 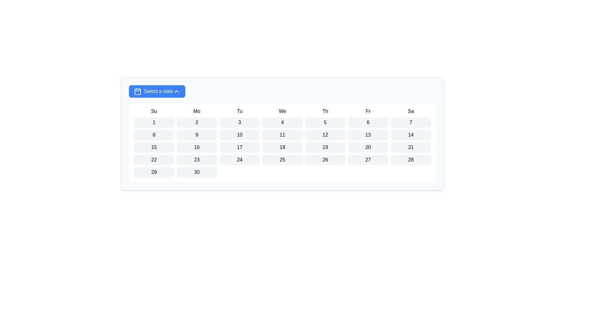 What do you see at coordinates (368, 111) in the screenshot?
I see `the static text element displaying 'Fr', which is the abbreviation for Friday, located in the sixth cell of the header row of a grid layout for the days of the week` at bounding box center [368, 111].